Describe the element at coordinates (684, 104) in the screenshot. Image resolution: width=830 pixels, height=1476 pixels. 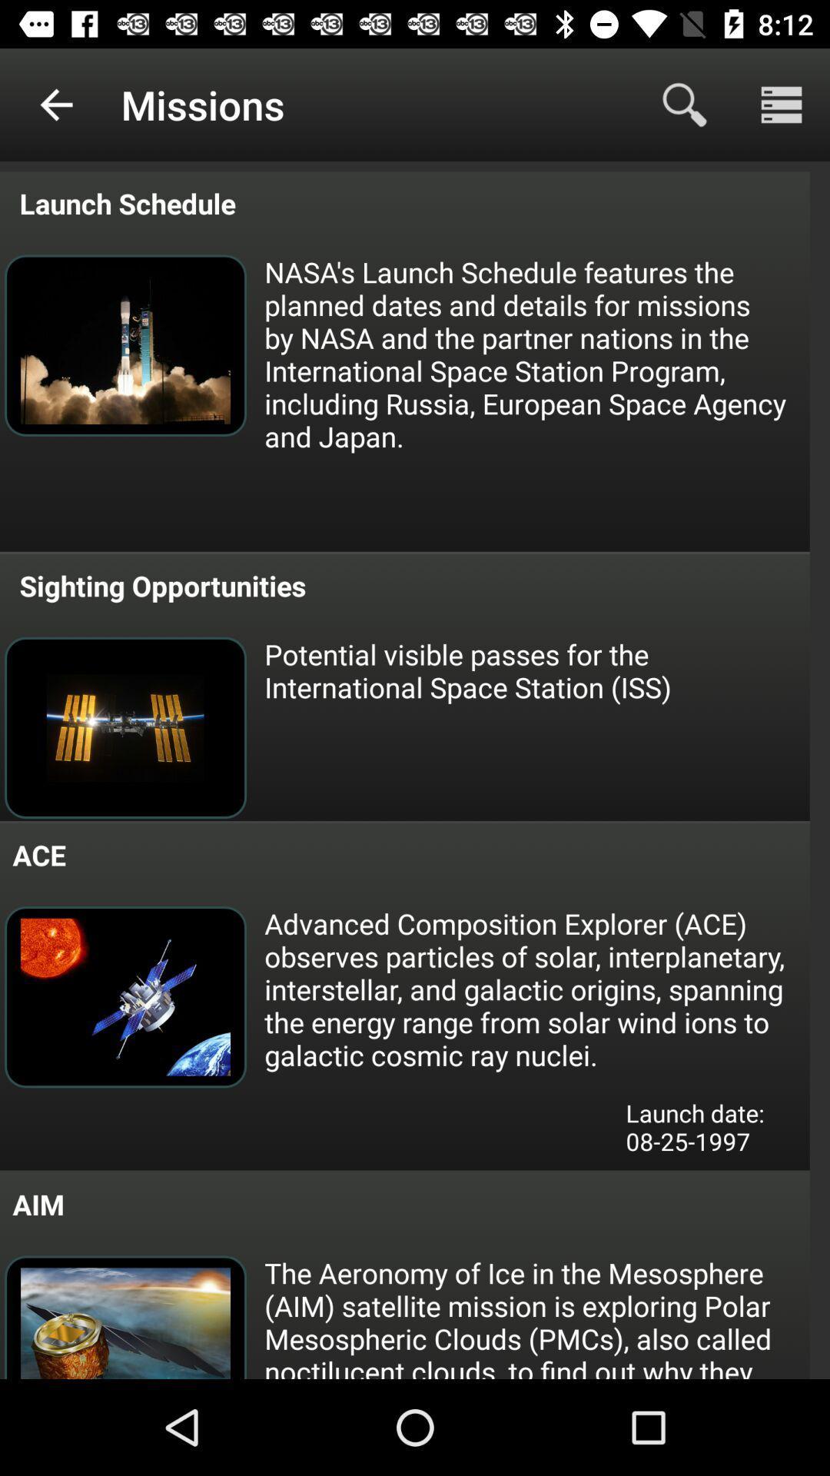
I see `the icon next to missions` at that location.